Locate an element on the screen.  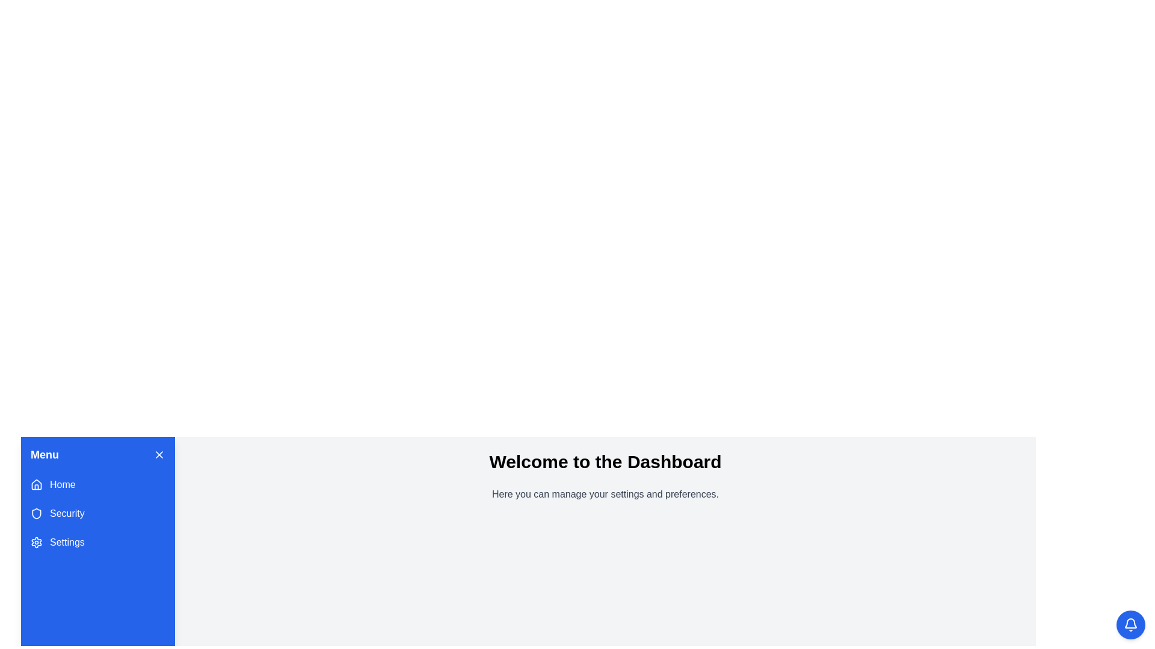
the Text label indicating the purpose of the sidebar as the main menu, which is positioned at the top-left corner of the left sidebar panel is located at coordinates (45, 454).